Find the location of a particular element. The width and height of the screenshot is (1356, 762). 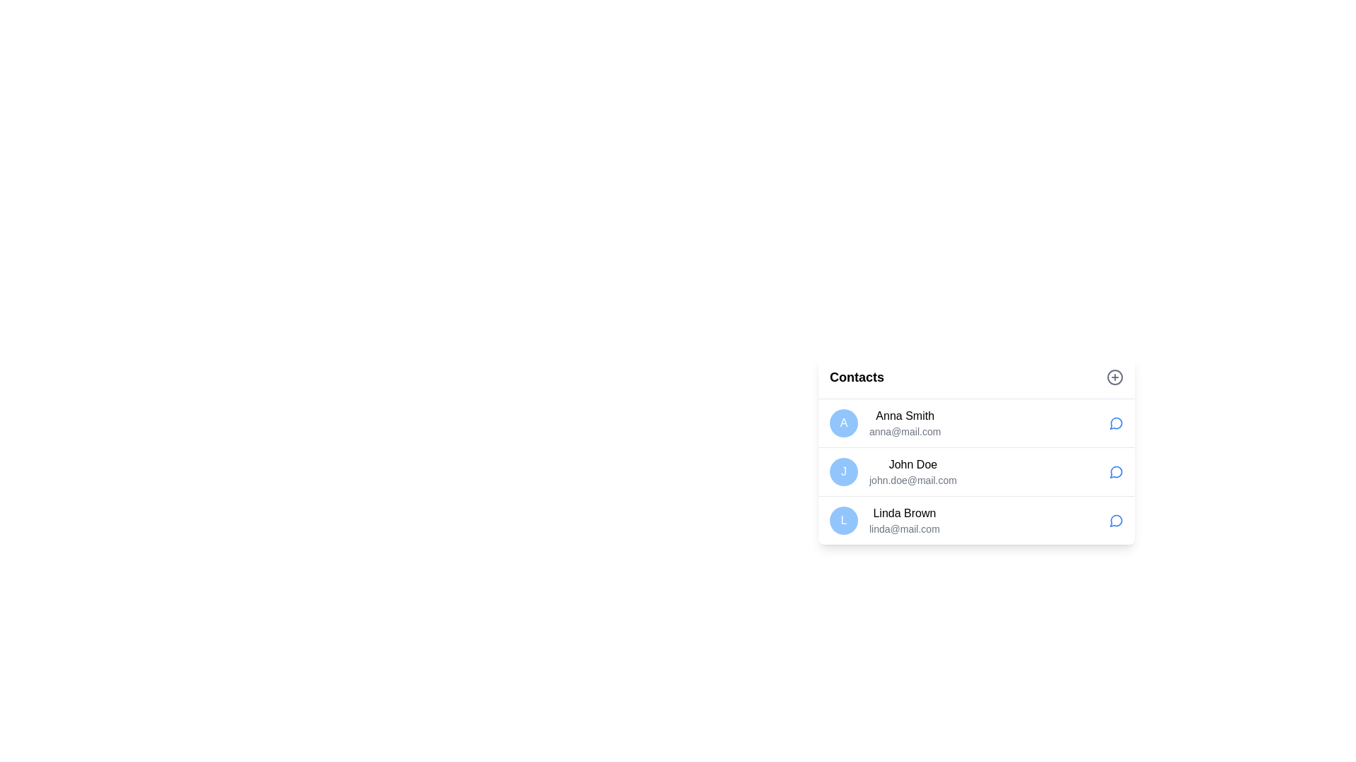

the messaging button next to 'Linda Brown' in the contact list is located at coordinates (1115, 521).